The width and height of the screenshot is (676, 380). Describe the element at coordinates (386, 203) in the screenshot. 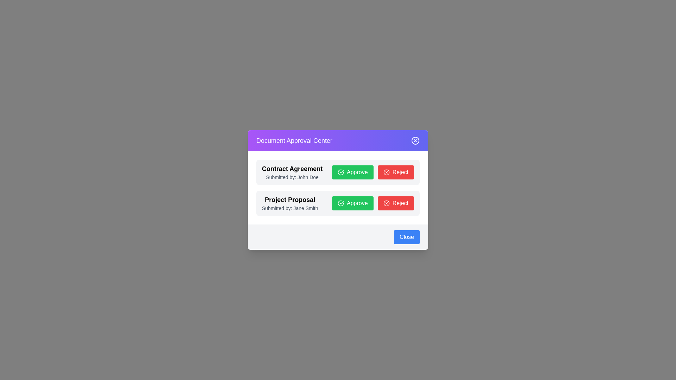

I see `the circular red outlined icon with a white 'X' symbol located within the 'Reject' button in the second row of the interface, which is under the 'Project Proposal' section` at that location.